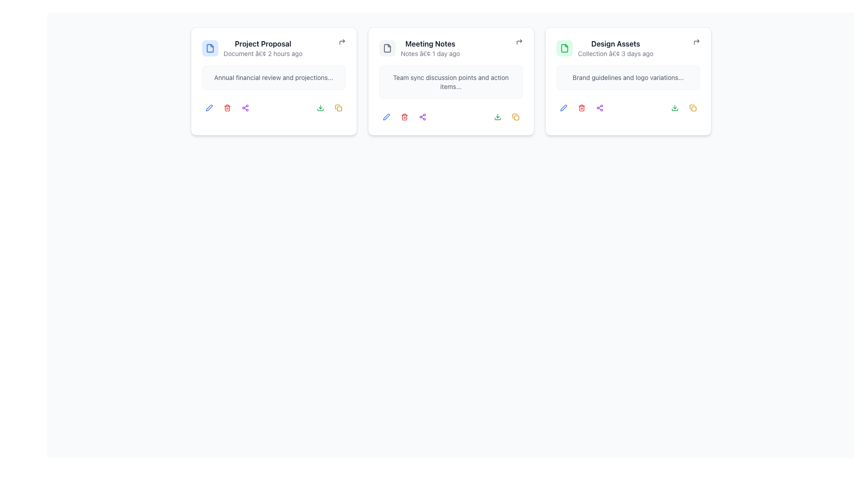  I want to click on the text block displaying the summary of discussion points and action items for the team sync meeting, located in the 'Meeting Notes' card beneath the header, so click(451, 82).